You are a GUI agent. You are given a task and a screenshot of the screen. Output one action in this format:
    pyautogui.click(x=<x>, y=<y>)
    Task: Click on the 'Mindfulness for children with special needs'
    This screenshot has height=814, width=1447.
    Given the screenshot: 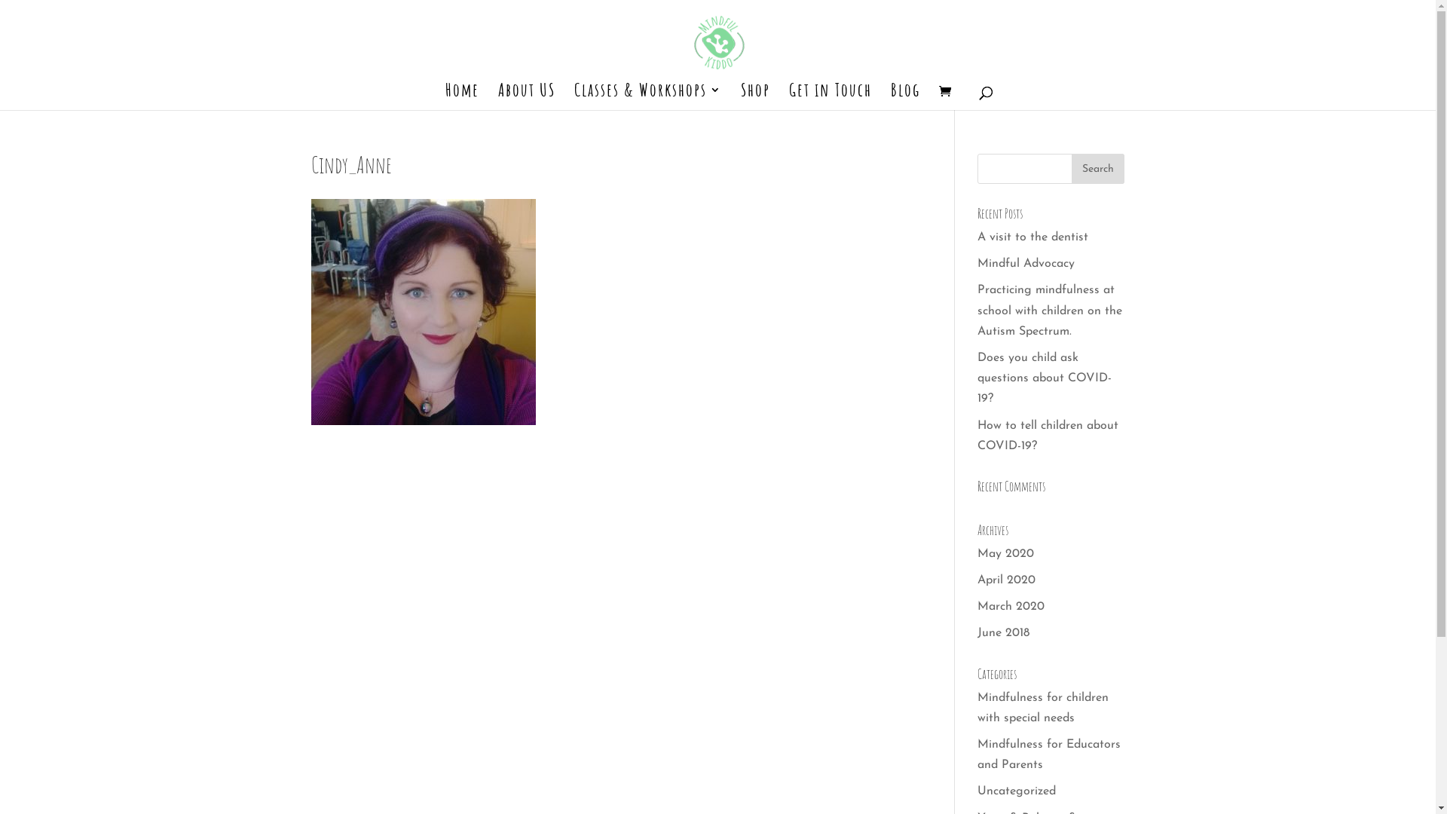 What is the action you would take?
    pyautogui.click(x=1042, y=708)
    